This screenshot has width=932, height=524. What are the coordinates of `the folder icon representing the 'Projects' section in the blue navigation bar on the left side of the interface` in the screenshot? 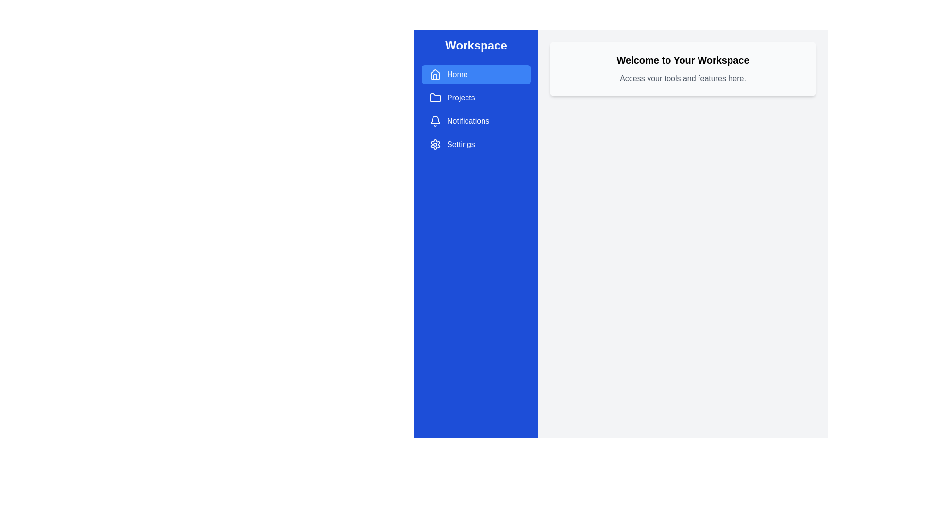 It's located at (435, 98).